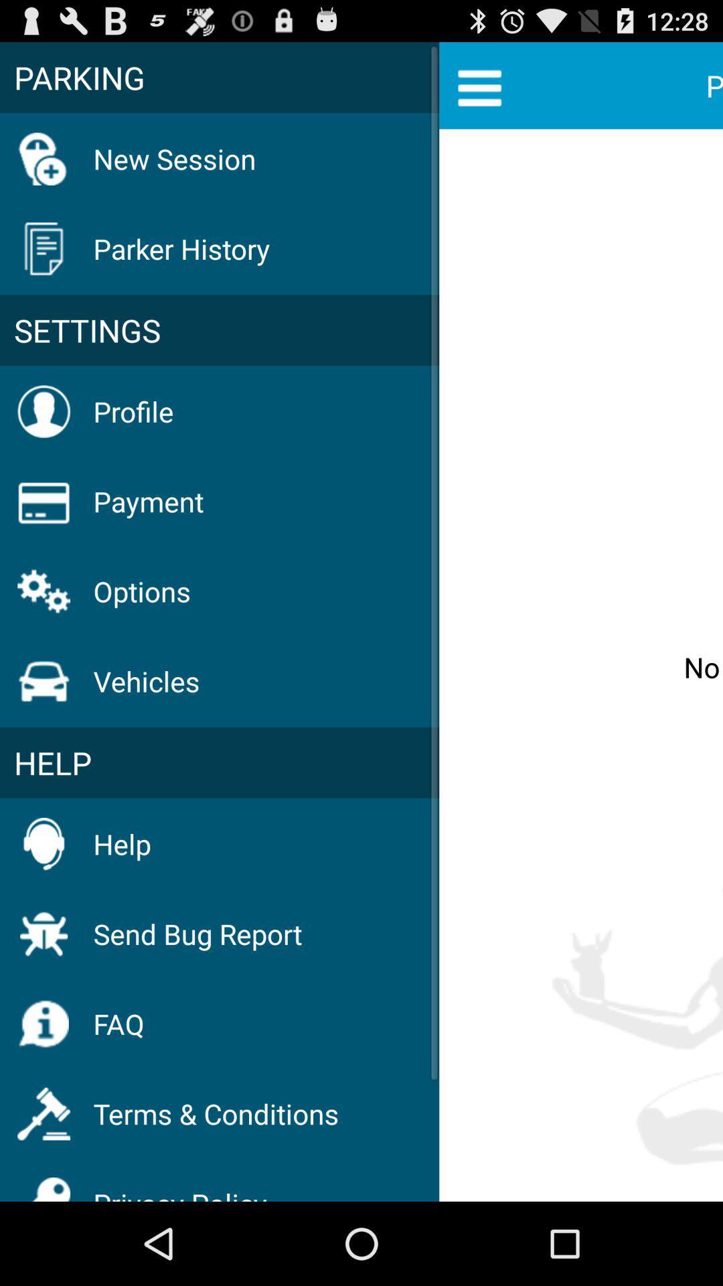 The height and width of the screenshot is (1286, 723). Describe the element at coordinates (174, 158) in the screenshot. I see `icon below the parking` at that location.